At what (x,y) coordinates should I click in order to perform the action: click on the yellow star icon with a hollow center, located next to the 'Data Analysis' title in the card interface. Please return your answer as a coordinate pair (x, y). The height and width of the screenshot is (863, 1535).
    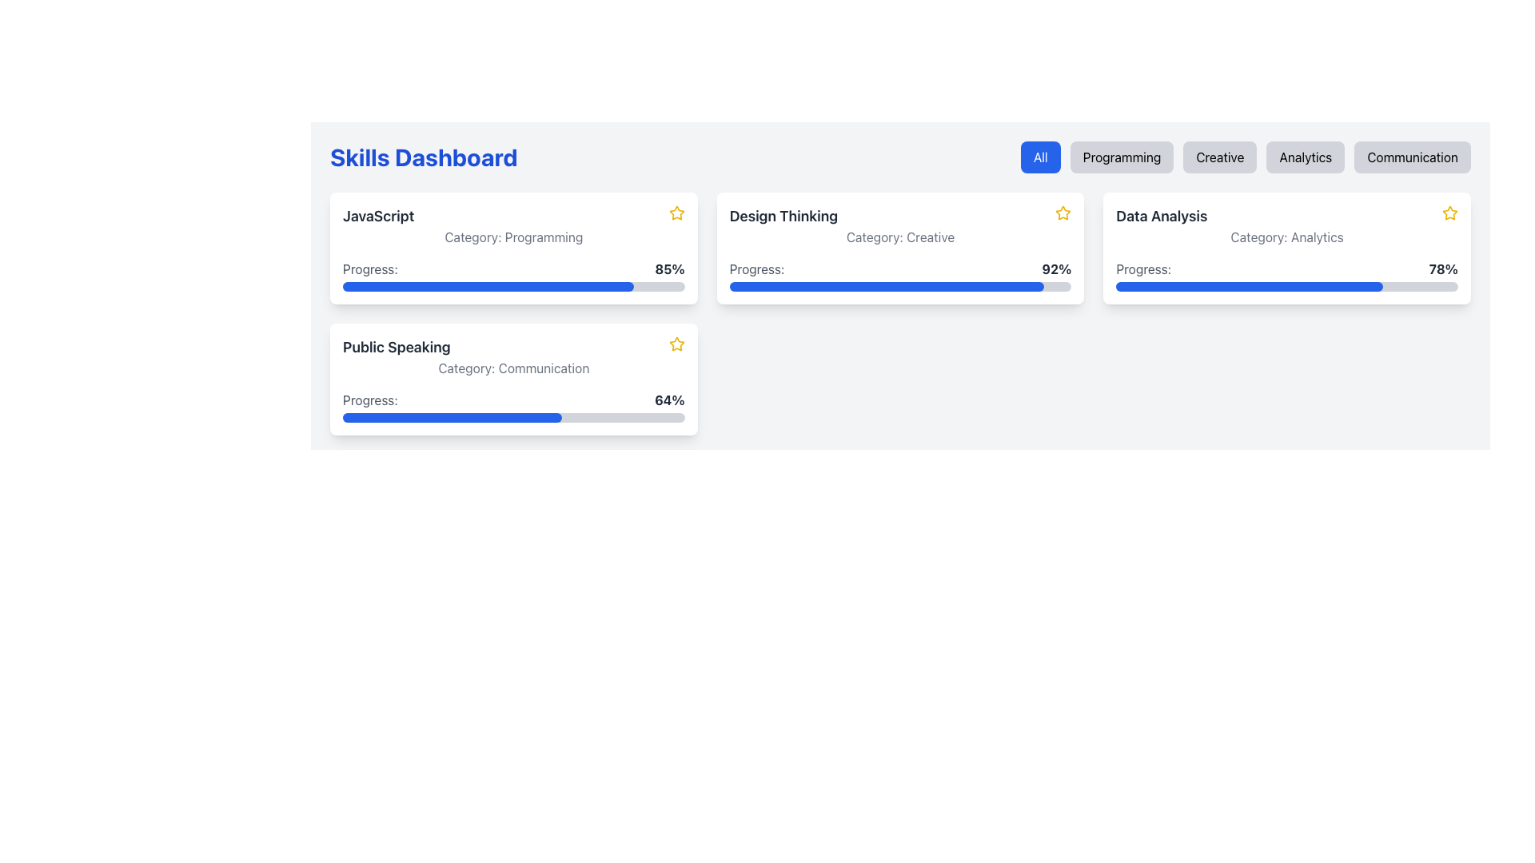
    Looking at the image, I should click on (1450, 212).